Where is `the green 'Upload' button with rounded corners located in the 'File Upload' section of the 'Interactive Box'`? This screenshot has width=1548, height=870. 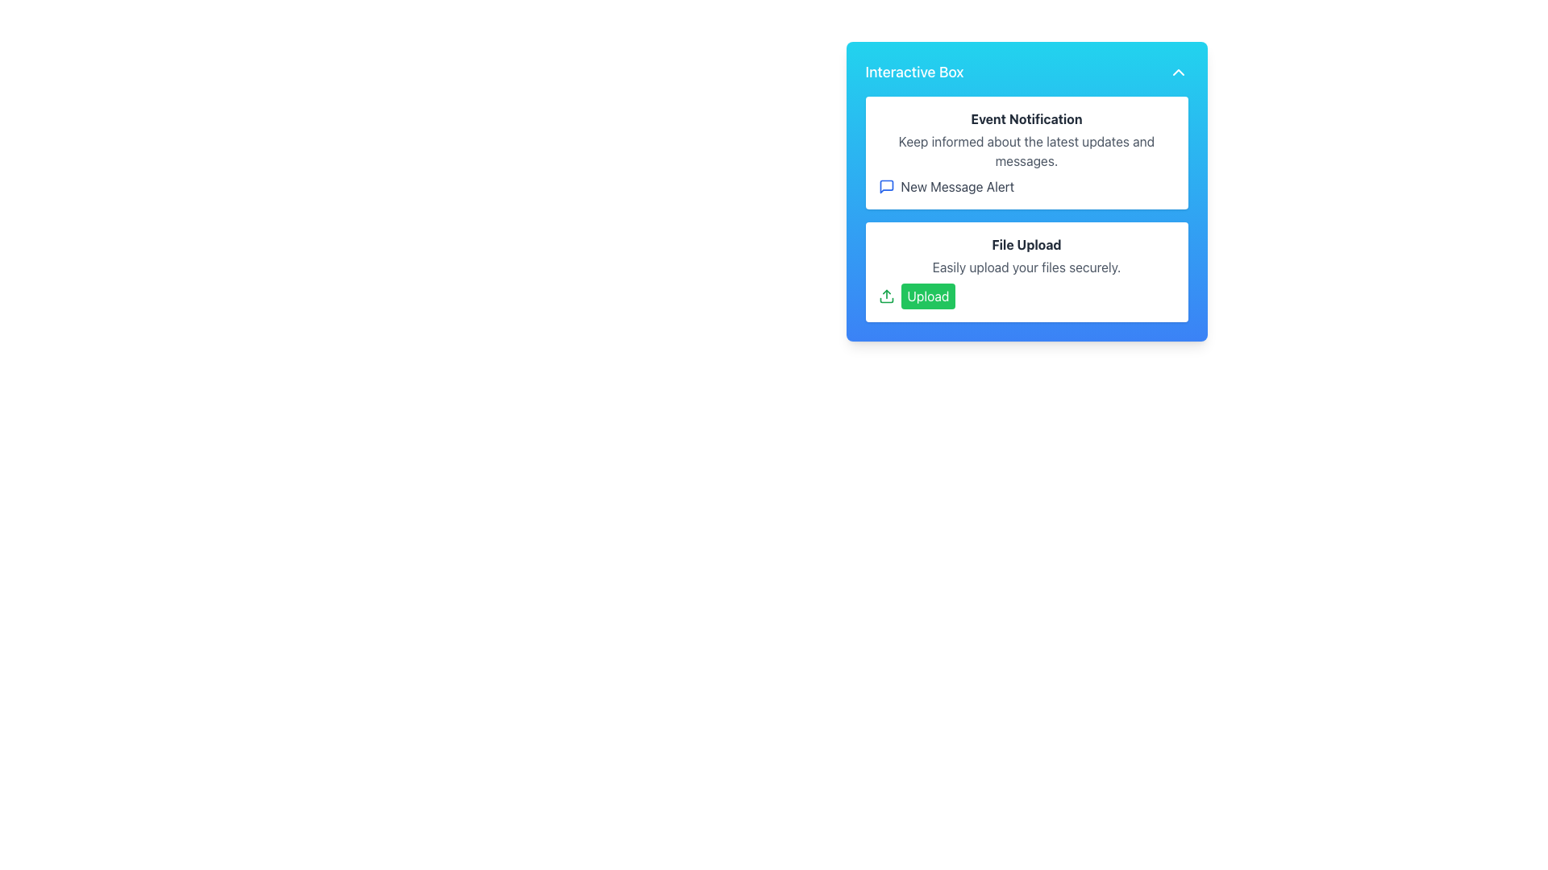
the green 'Upload' button with rounded corners located in the 'File Upload' section of the 'Interactive Box' is located at coordinates (928, 296).